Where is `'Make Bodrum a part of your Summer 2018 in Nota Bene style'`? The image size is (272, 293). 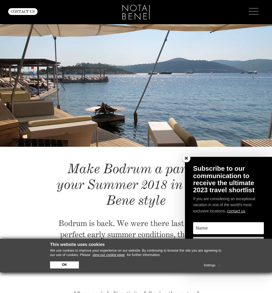
'Make Bodrum a part of your Summer 2018 in Nota Bene style' is located at coordinates (56, 184).